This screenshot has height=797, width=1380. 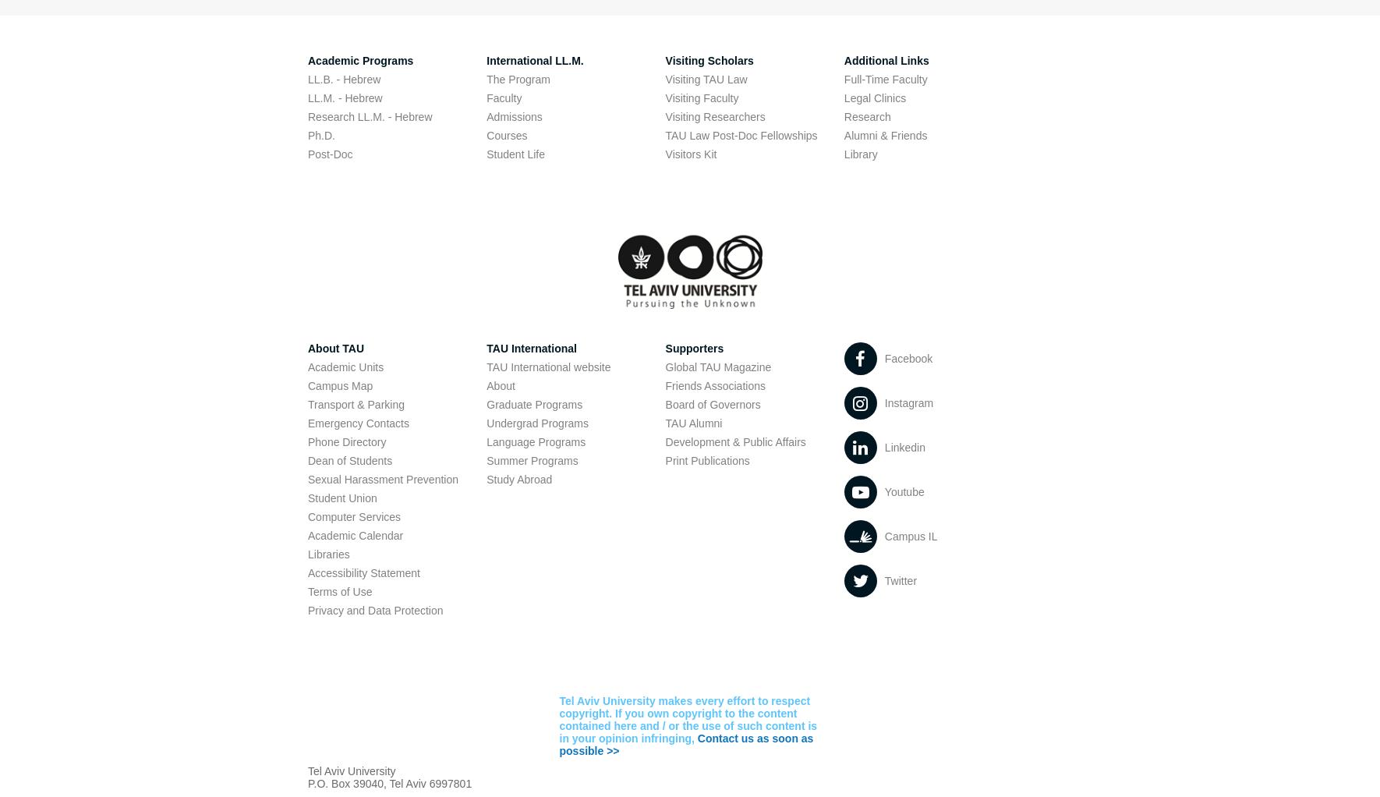 I want to click on 'Print Publications', so click(x=706, y=460).